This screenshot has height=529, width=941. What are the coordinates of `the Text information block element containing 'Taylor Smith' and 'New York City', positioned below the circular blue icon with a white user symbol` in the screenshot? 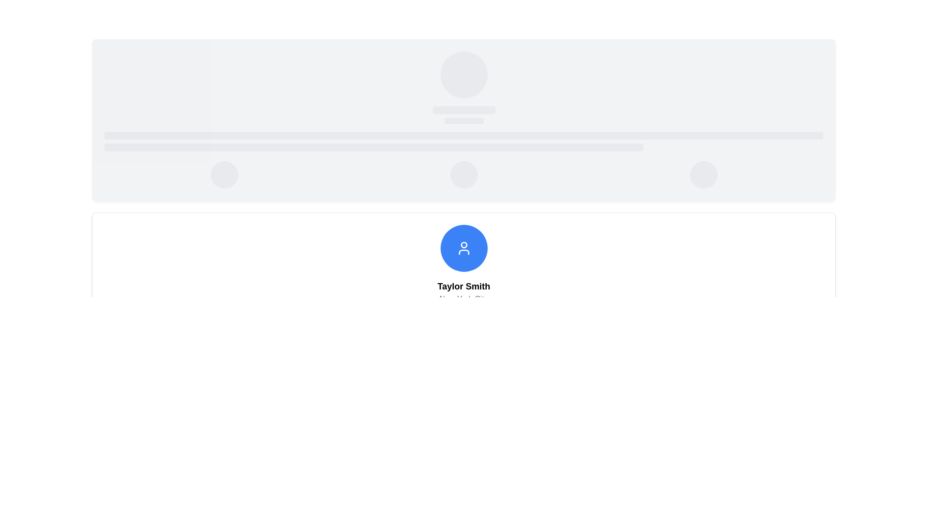 It's located at (463, 292).